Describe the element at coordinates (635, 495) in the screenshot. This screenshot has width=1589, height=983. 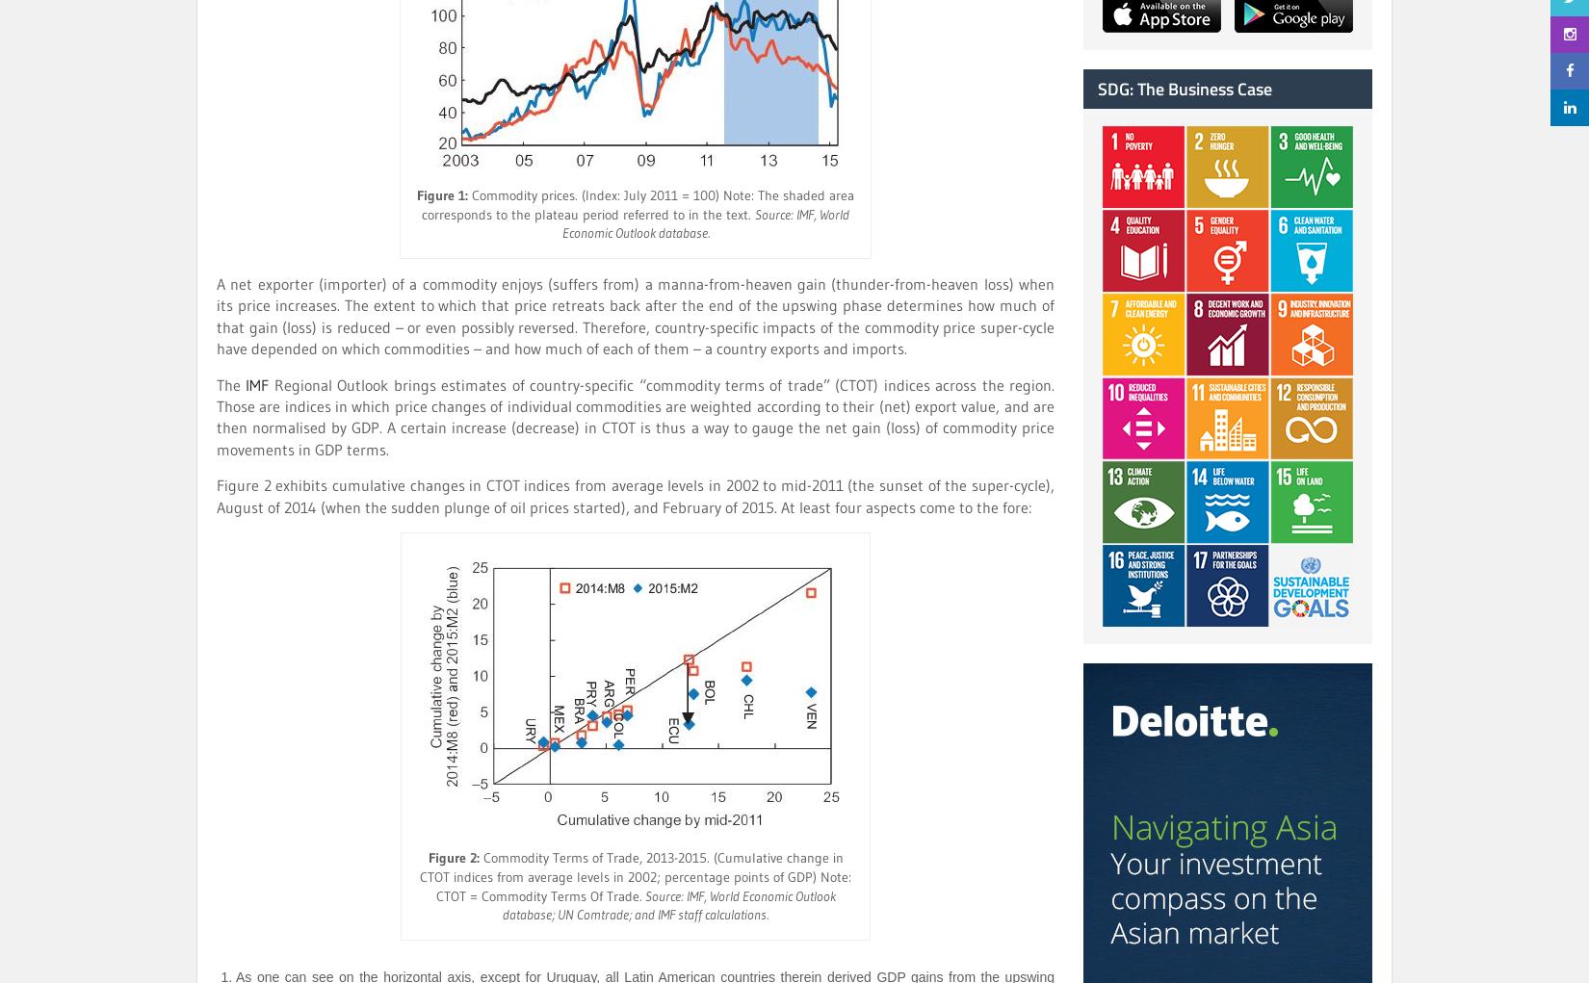
I see `'Figure 2 exhibits cumulative changes in CTOT indices from average levels in 2002 to mid-2011 (the sunset of the super-cycle), August of 2014 (when the sudden plunge of oil prices started), and February of 2015. At least four aspects come to the fore:'` at that location.